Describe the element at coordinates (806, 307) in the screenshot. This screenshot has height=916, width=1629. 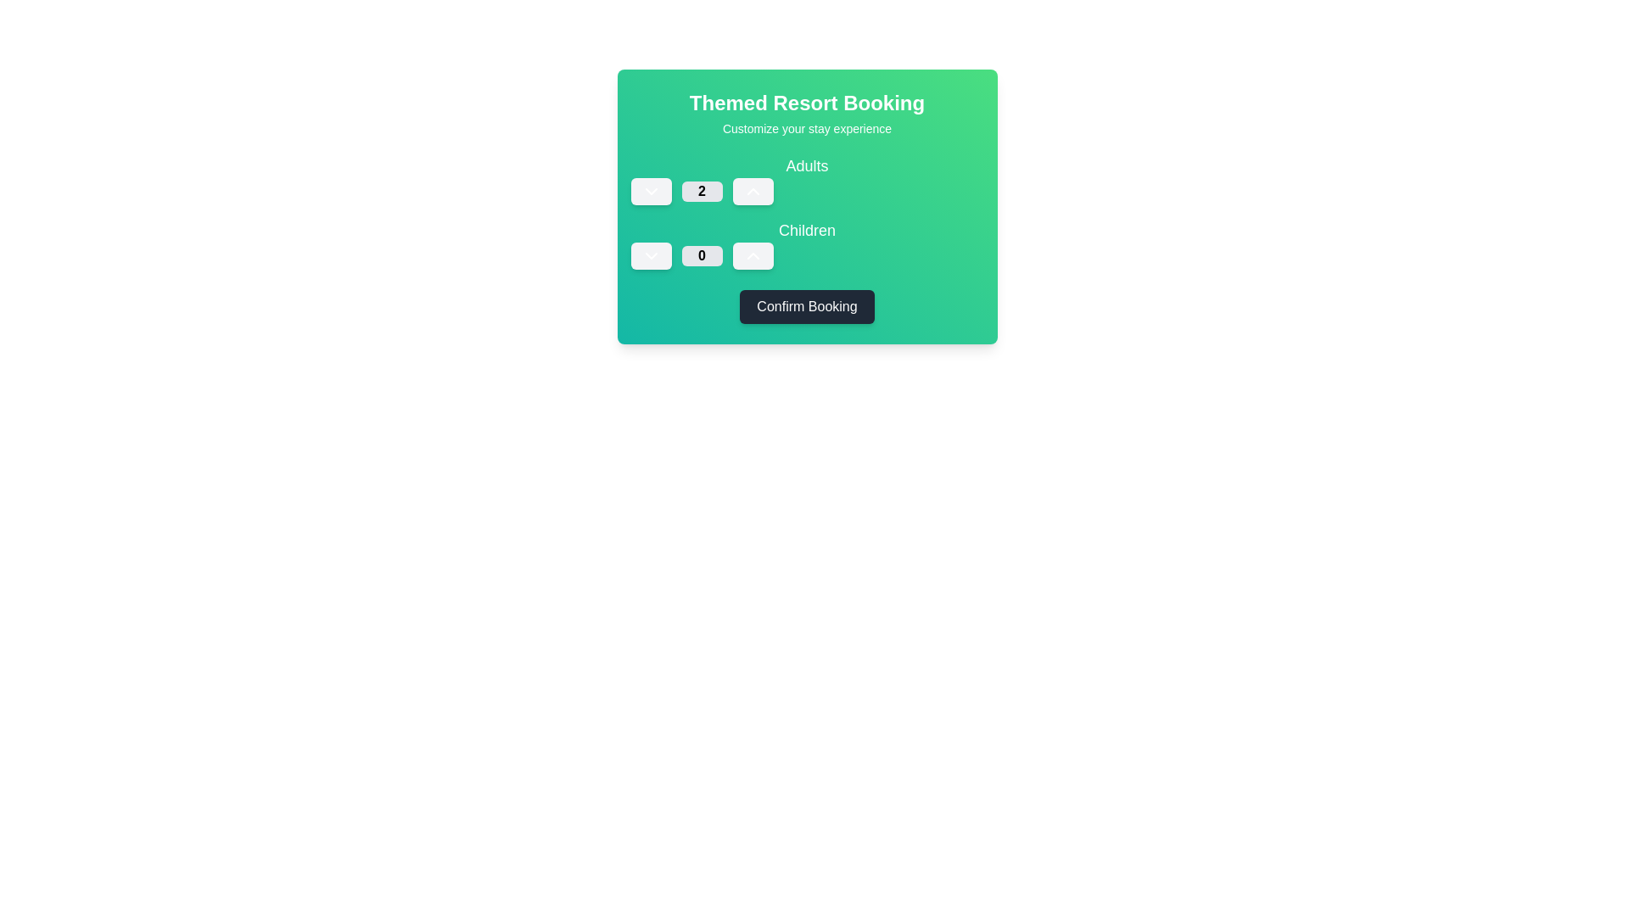
I see `the confirm booking button located centrally at the bottom of the 'Themed Resort Booking' card interface to finalize the booking parameters` at that location.